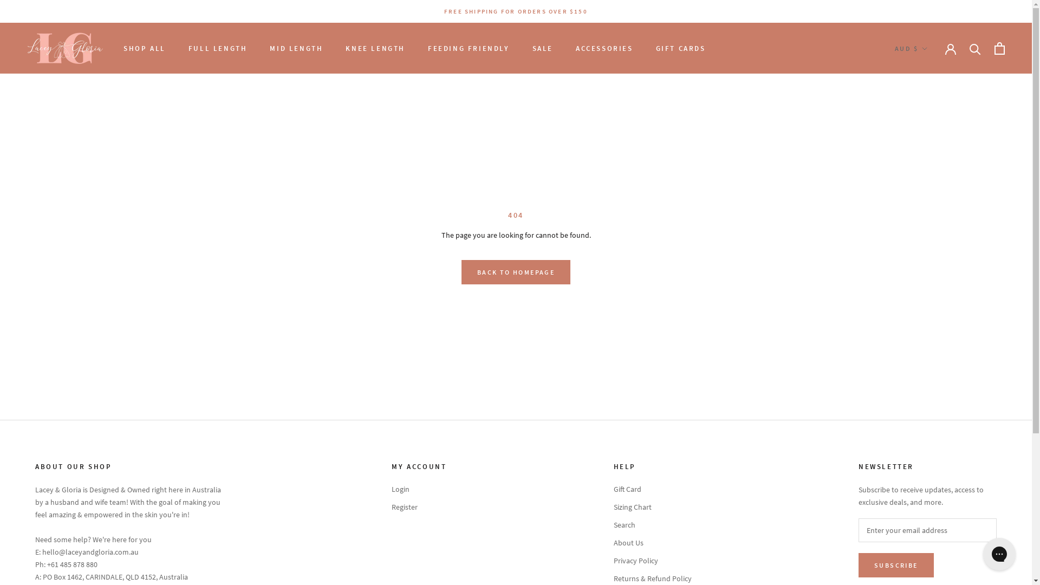  Describe the element at coordinates (923, 154) in the screenshot. I see `'SGD'` at that location.